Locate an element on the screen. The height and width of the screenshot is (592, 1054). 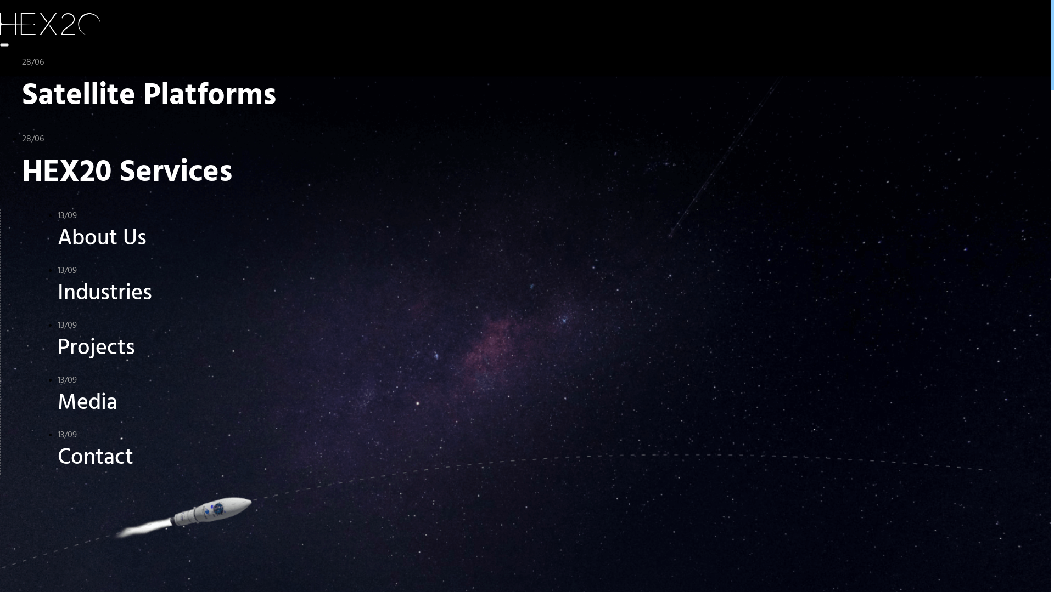
'13/09 is located at coordinates (57, 452).